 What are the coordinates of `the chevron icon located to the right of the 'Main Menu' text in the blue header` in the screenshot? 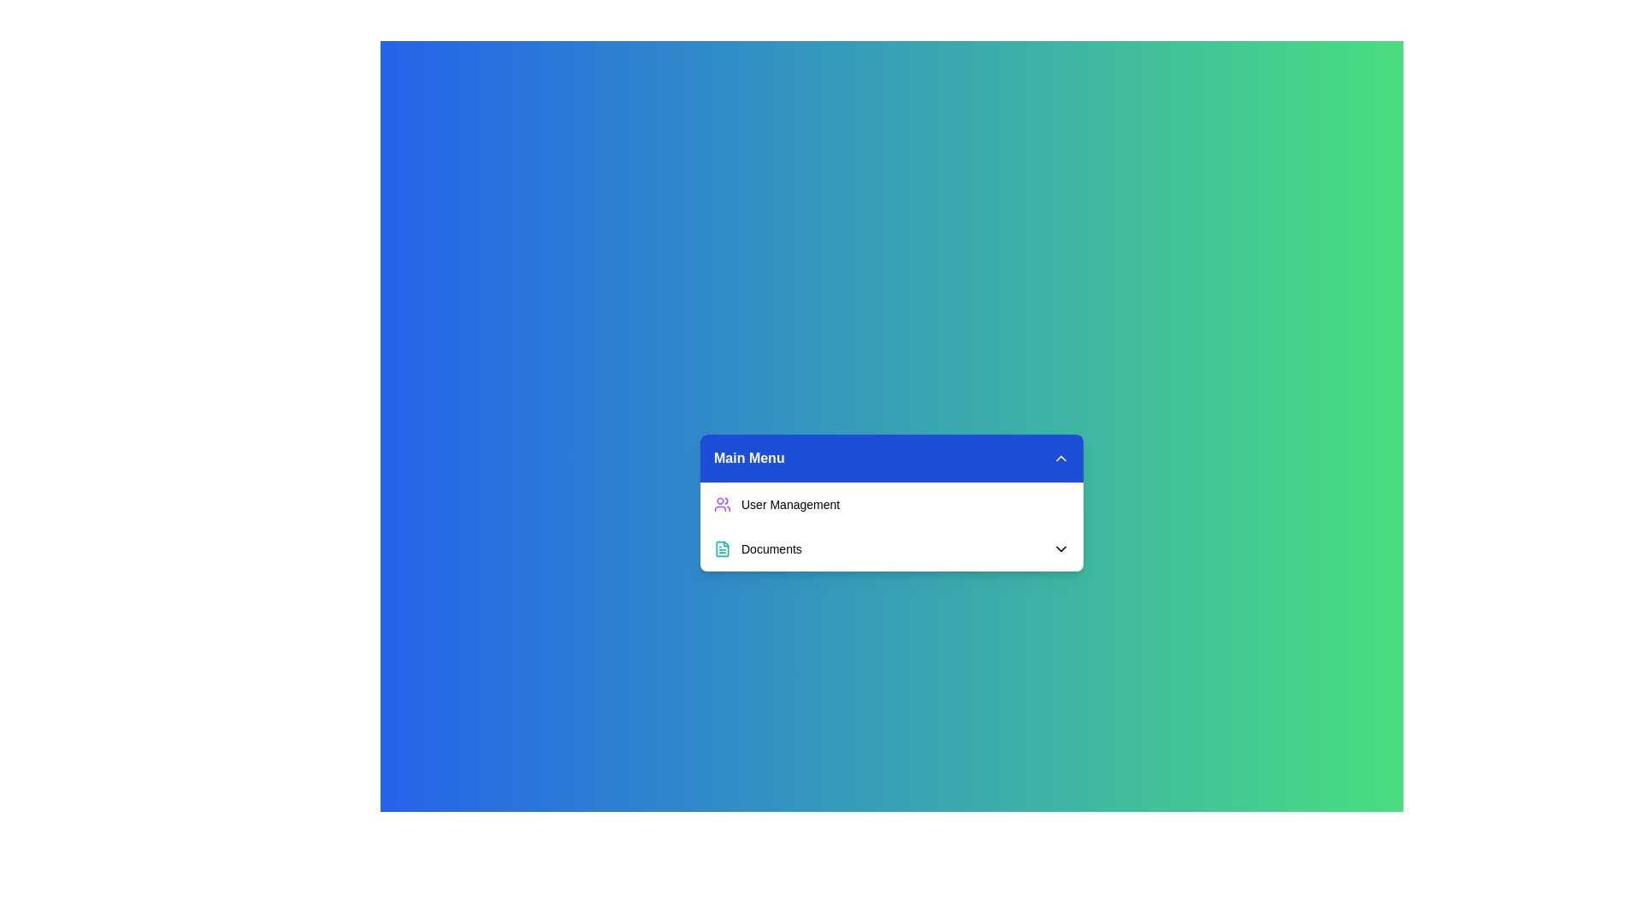 It's located at (1060, 458).